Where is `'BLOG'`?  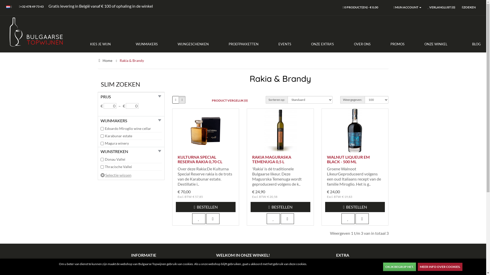
'BLOG' is located at coordinates (457, 44).